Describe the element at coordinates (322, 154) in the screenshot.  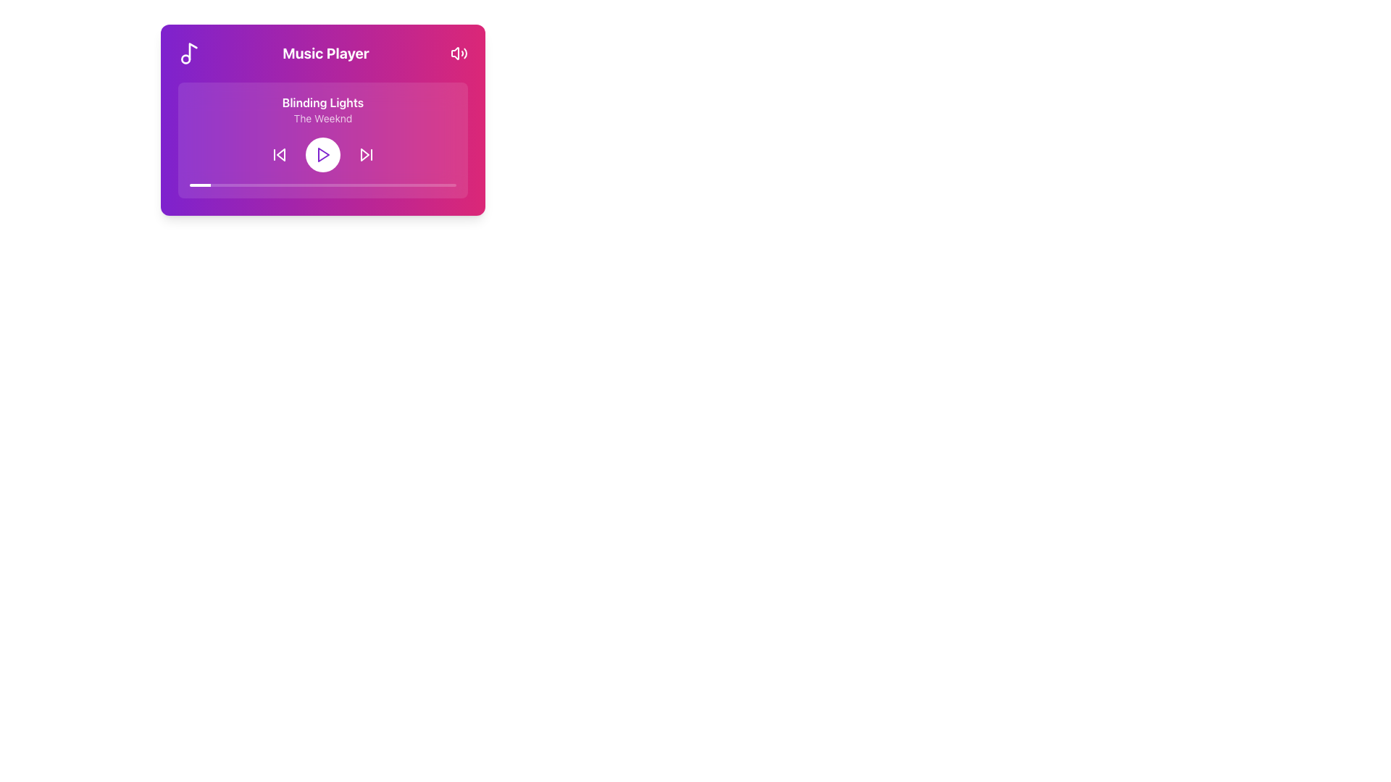
I see `the circular play button with a white background and a purple triangular play icon in the center to play or pause the music` at that location.